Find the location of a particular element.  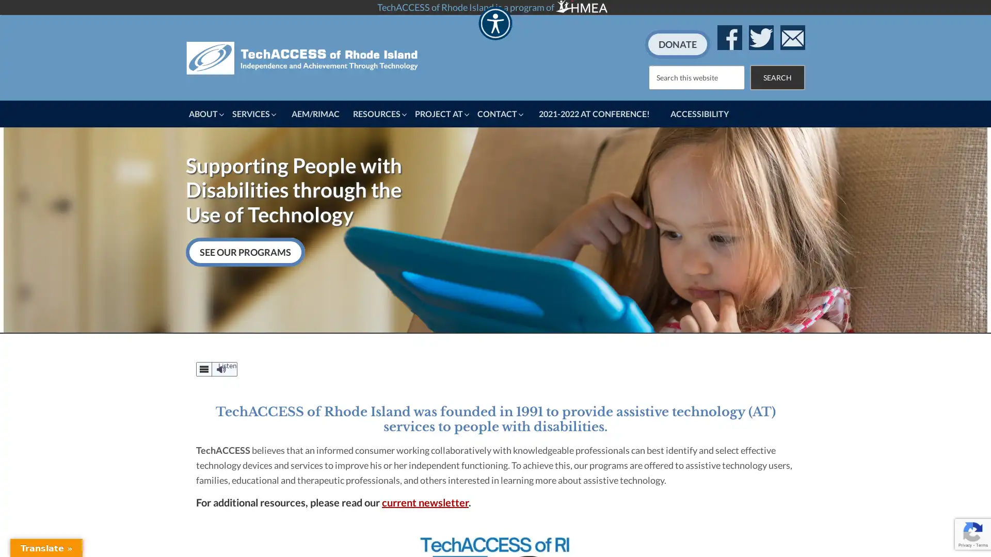

ReadSpeaker webReader: Listen with webReader is located at coordinates (216, 368).